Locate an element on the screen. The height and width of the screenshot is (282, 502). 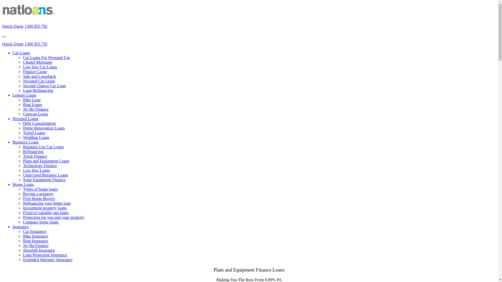
'Travel Loans' is located at coordinates (22, 132).